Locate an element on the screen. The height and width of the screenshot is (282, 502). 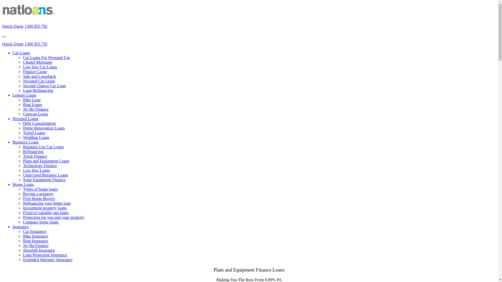
'Travel Loans' is located at coordinates (22, 132).